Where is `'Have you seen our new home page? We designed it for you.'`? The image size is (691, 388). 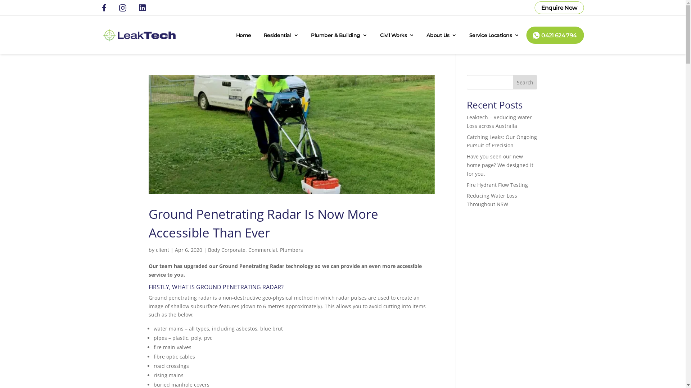
'Have you seen our new home page? We designed it for you.' is located at coordinates (500, 165).